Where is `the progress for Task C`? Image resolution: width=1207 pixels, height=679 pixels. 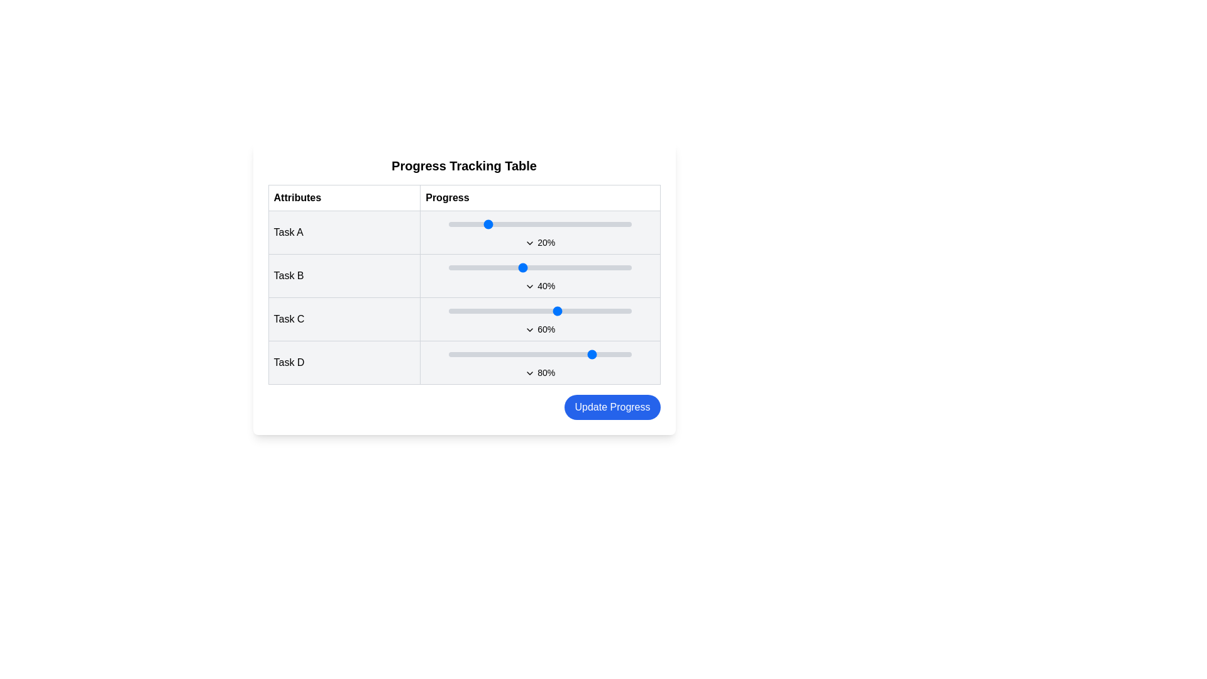
the progress for Task C is located at coordinates (455, 311).